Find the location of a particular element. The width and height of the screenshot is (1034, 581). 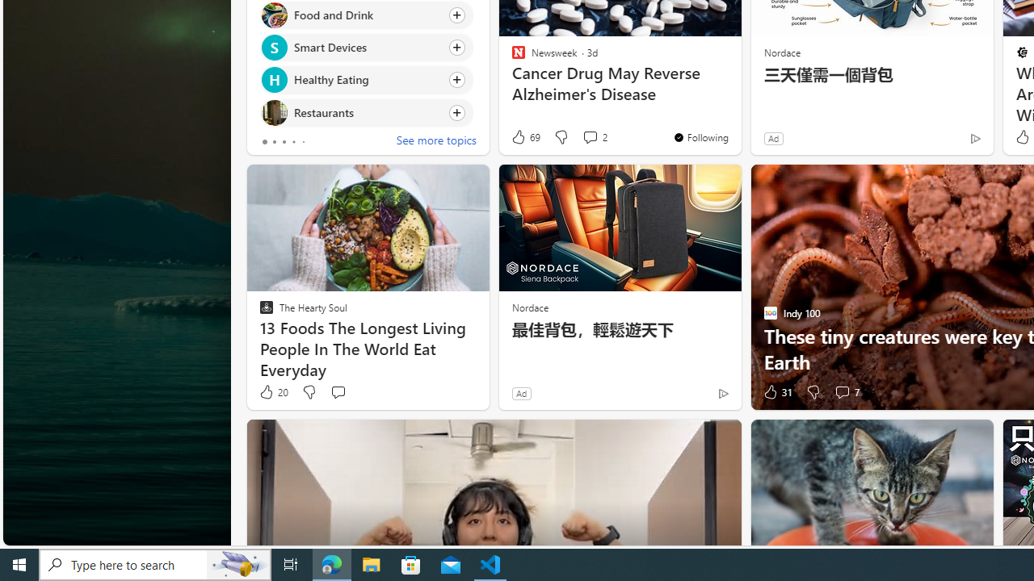

'Restaurants' is located at coordinates (274, 111).